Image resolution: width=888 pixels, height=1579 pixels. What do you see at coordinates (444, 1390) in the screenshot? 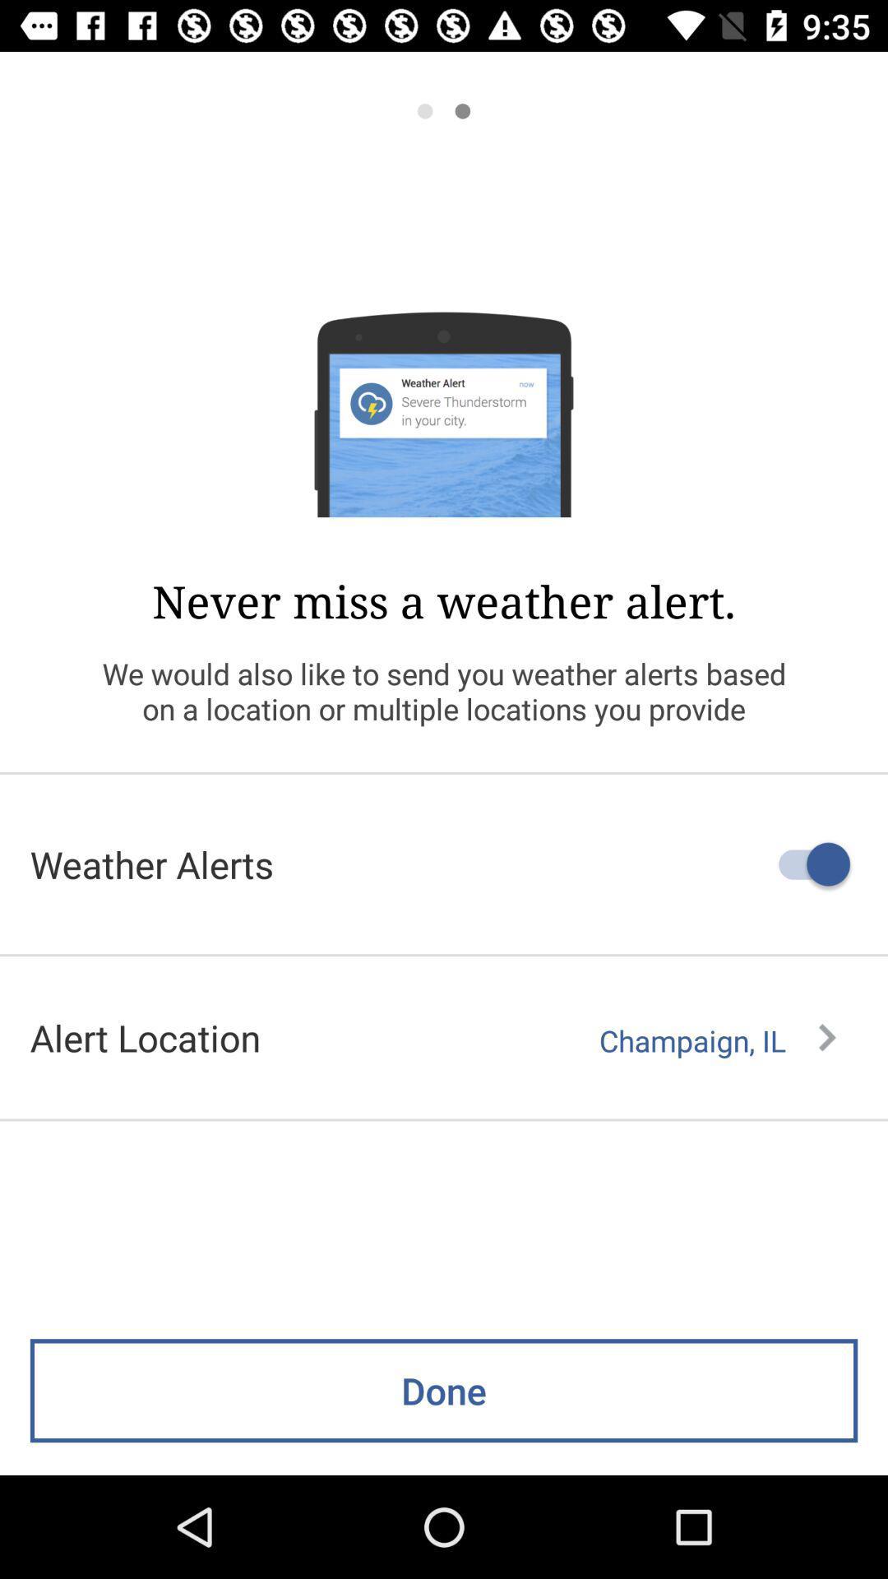
I see `the done` at bounding box center [444, 1390].